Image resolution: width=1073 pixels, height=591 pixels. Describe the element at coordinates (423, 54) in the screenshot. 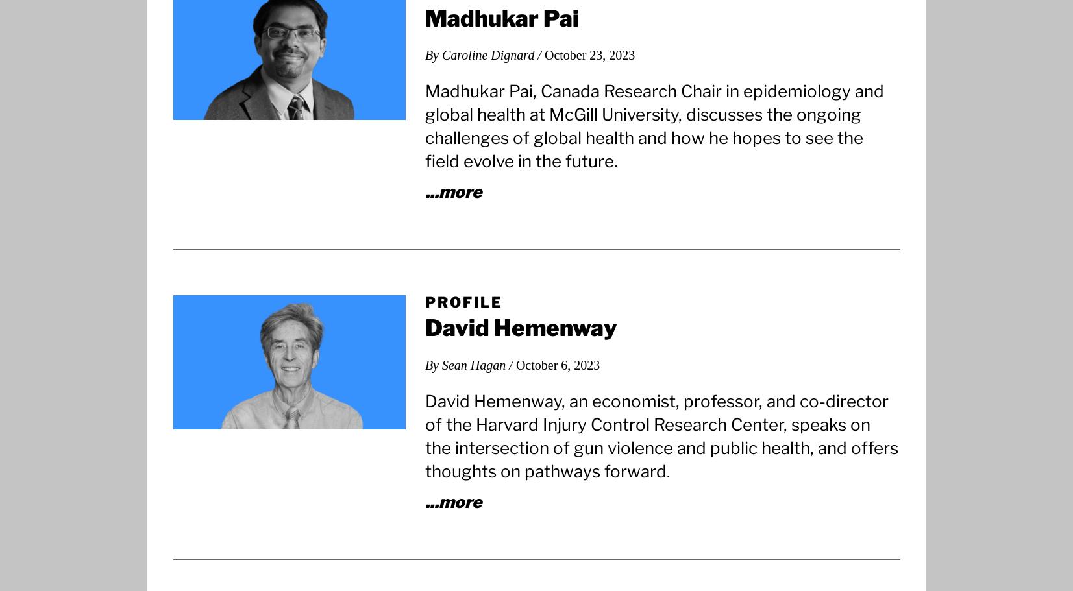

I see `'By Caroline Dignard /'` at that location.